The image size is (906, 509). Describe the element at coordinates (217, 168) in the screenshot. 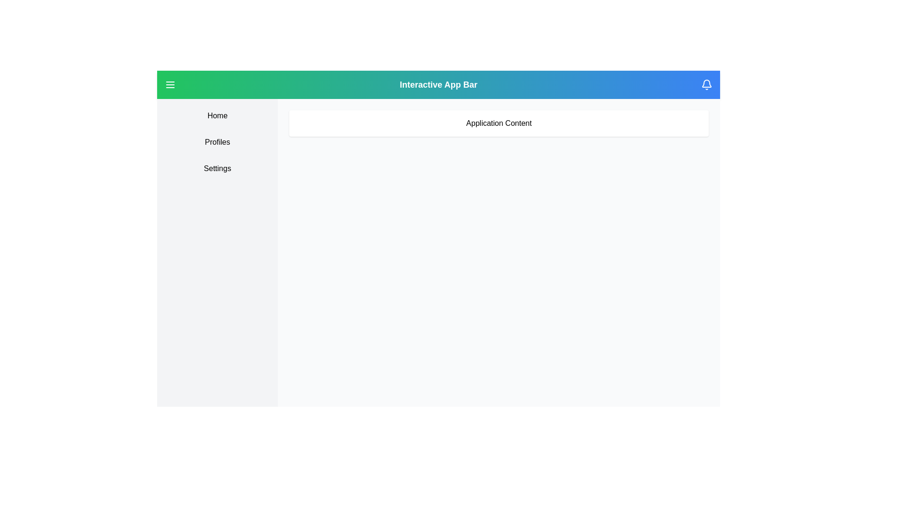

I see `the sidebar menu item Settings to navigate to the corresponding section` at that location.